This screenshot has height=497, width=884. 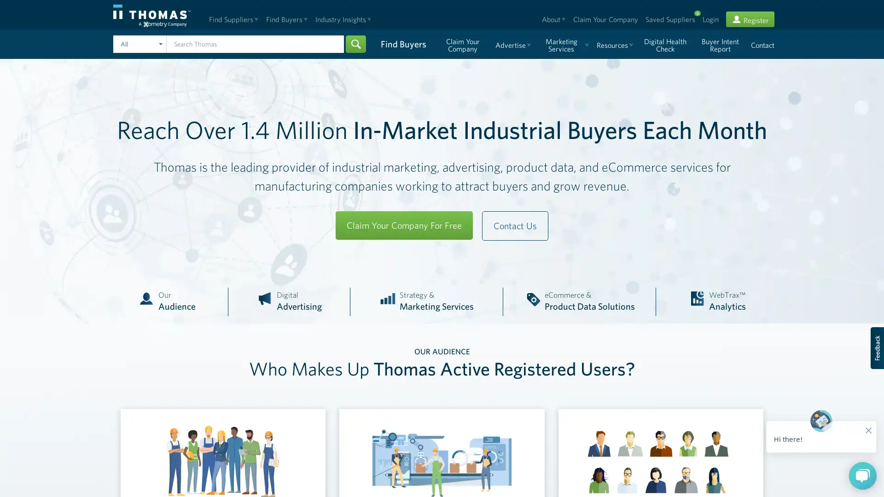 What do you see at coordinates (355, 44) in the screenshot?
I see `search` at bounding box center [355, 44].